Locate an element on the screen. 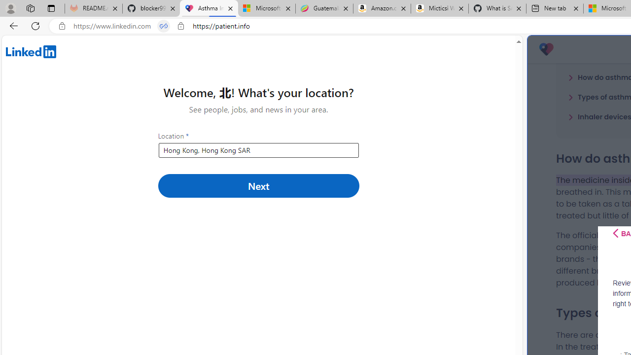 Image resolution: width=631 pixels, height=355 pixels. 'Refresh' is located at coordinates (35, 25).